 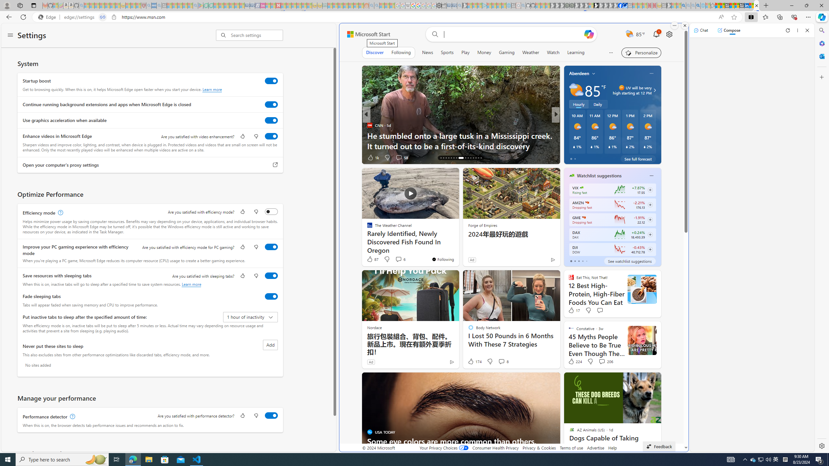 I want to click on 'AutomationID: tab-26', so click(x=471, y=158).